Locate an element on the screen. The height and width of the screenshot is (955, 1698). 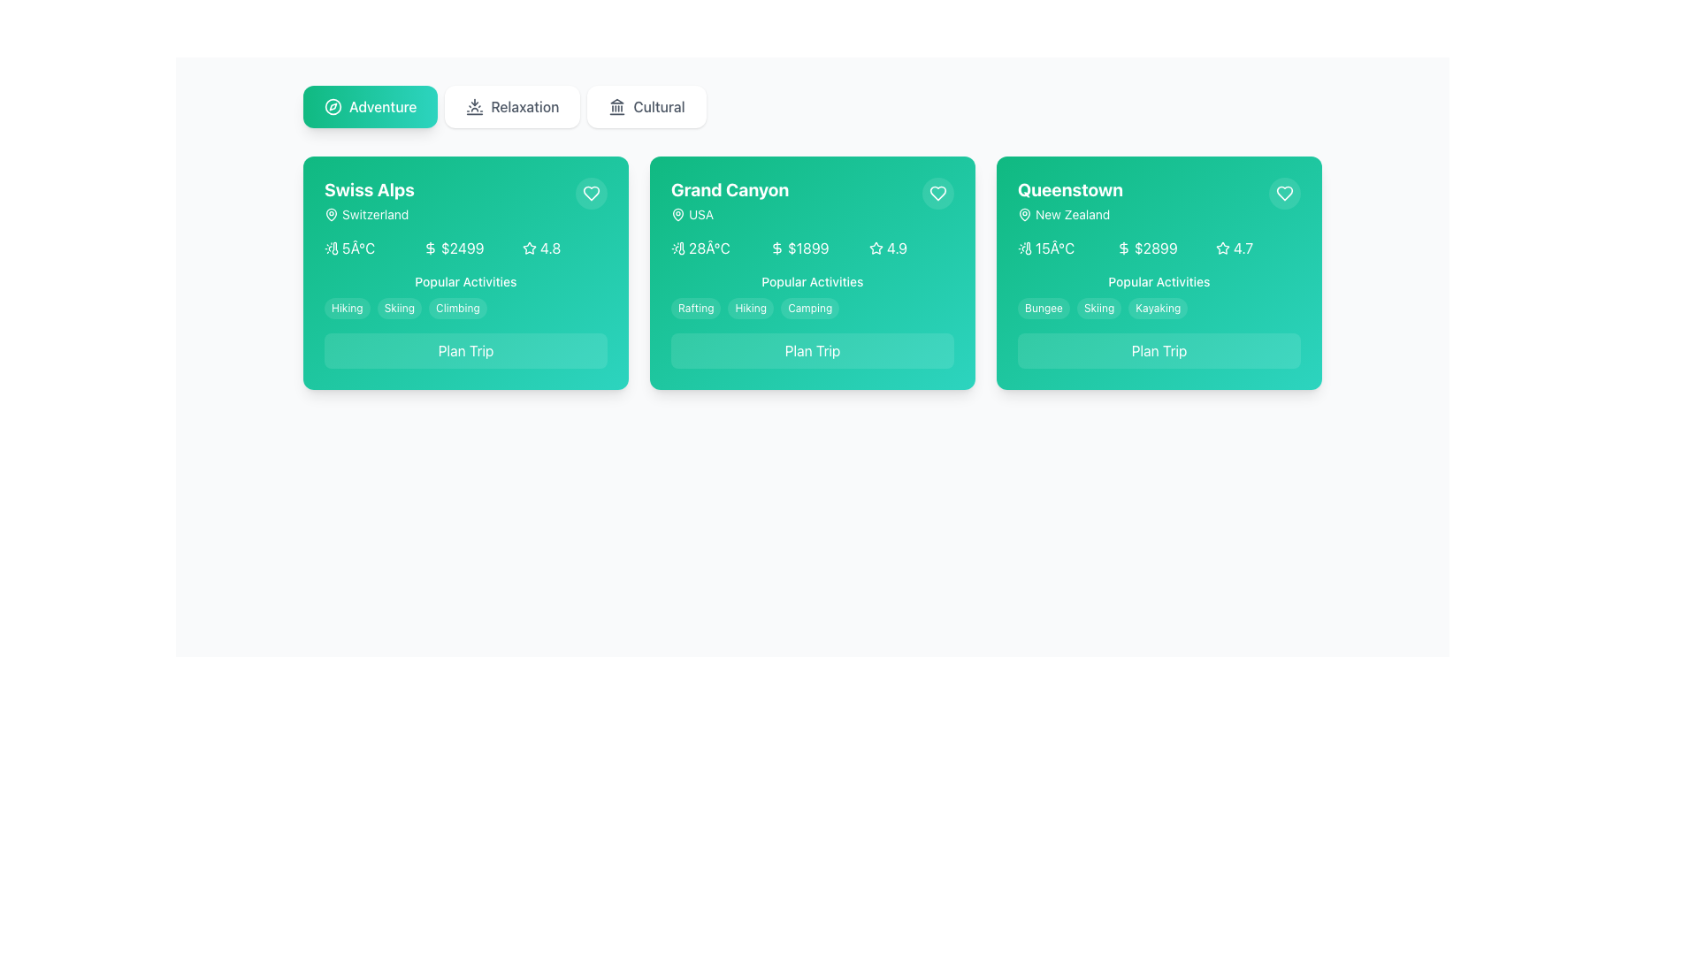
the location marker icon that visually represents the Grand Canyon's position in the USA, located to the left of the 'USA' text on the Grand Canyon card is located at coordinates (677, 214).